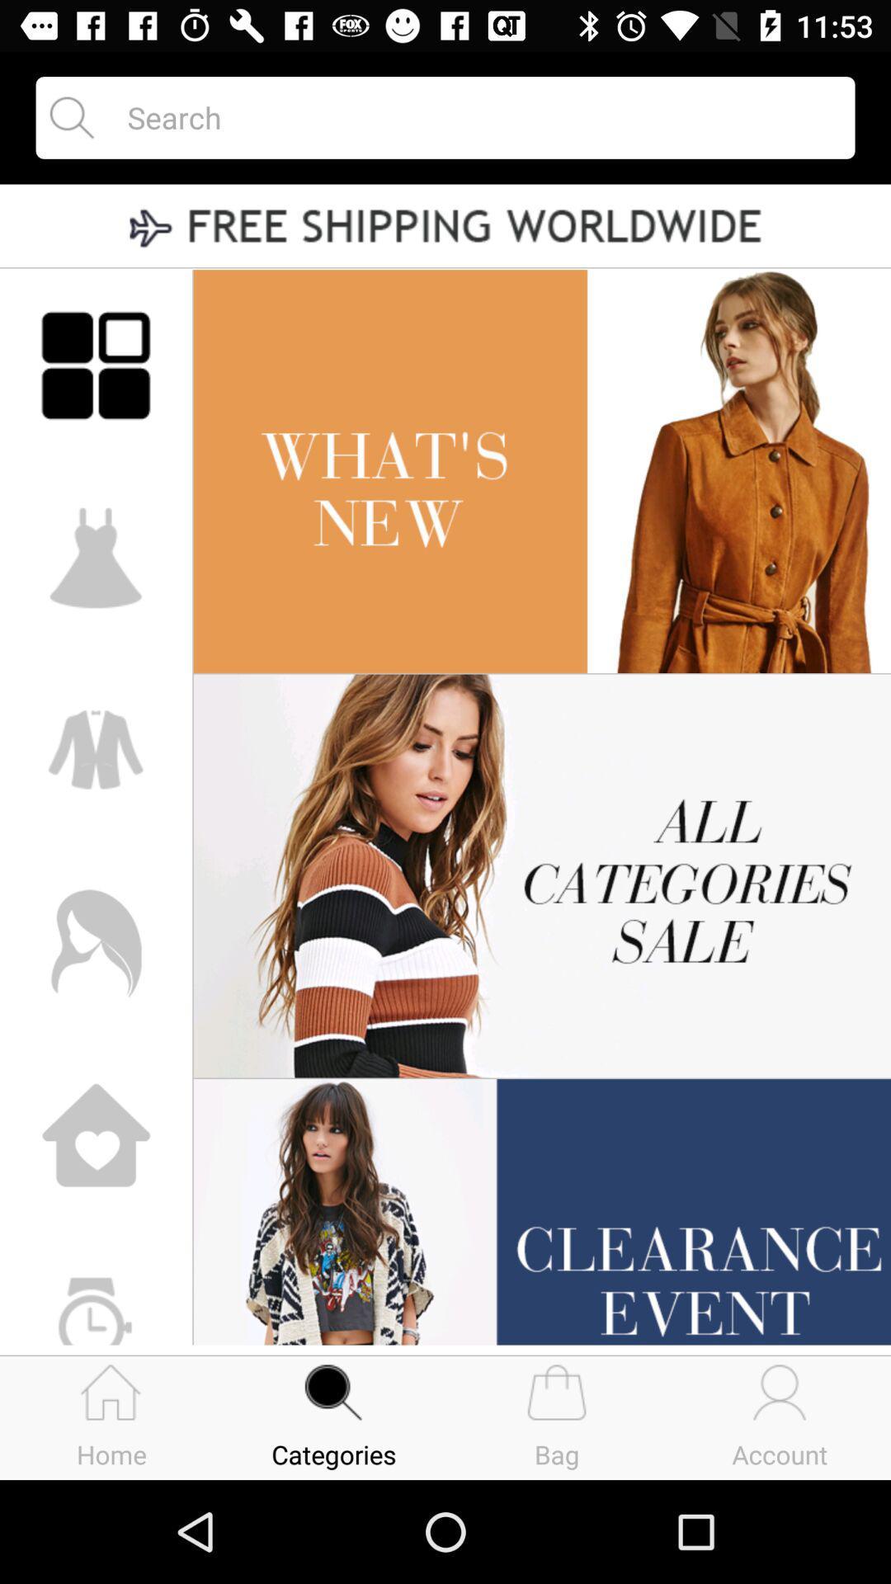 The height and width of the screenshot is (1584, 891). What do you see at coordinates (476, 116) in the screenshot?
I see `open the search field` at bounding box center [476, 116].